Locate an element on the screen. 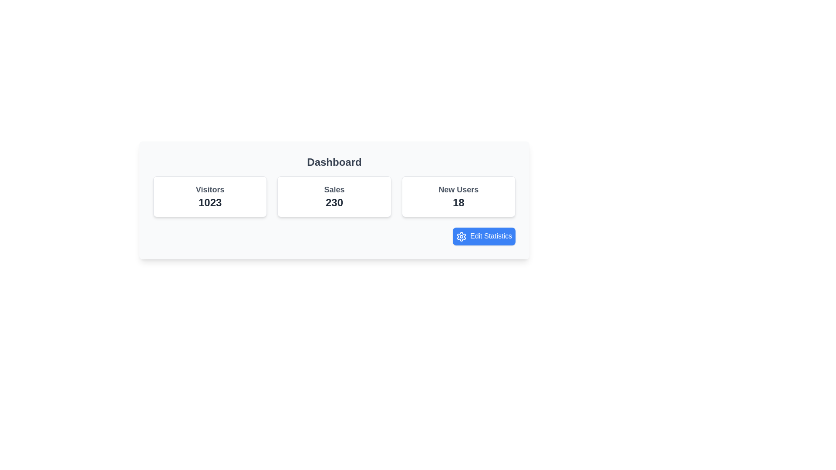  the text label 'New Users' which is prominently styled with a larger font size in gray color, located at the upper part of a bordered card, positioned between the 'Sales' card and the 'Edit Statistics' button is located at coordinates (458, 189).